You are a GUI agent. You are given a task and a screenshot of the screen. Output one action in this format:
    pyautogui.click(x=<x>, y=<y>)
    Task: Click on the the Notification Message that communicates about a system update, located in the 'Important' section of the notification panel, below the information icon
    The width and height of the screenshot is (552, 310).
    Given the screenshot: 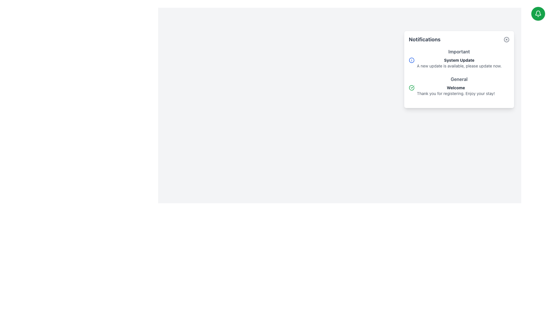 What is the action you would take?
    pyautogui.click(x=459, y=63)
    